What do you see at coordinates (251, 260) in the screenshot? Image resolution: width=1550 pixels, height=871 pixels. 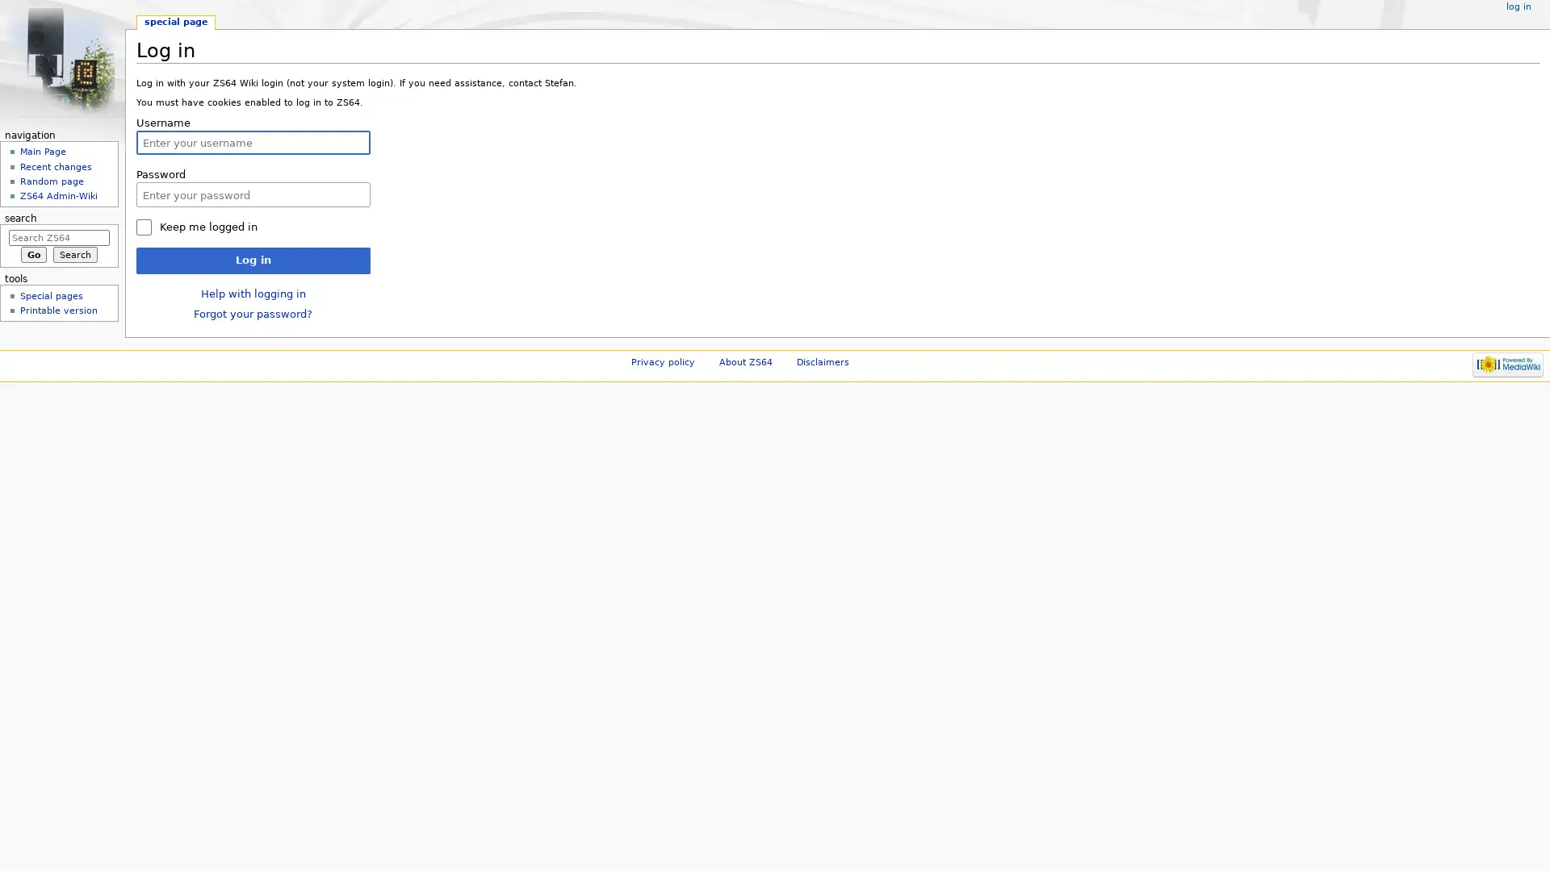 I see `Log in` at bounding box center [251, 260].